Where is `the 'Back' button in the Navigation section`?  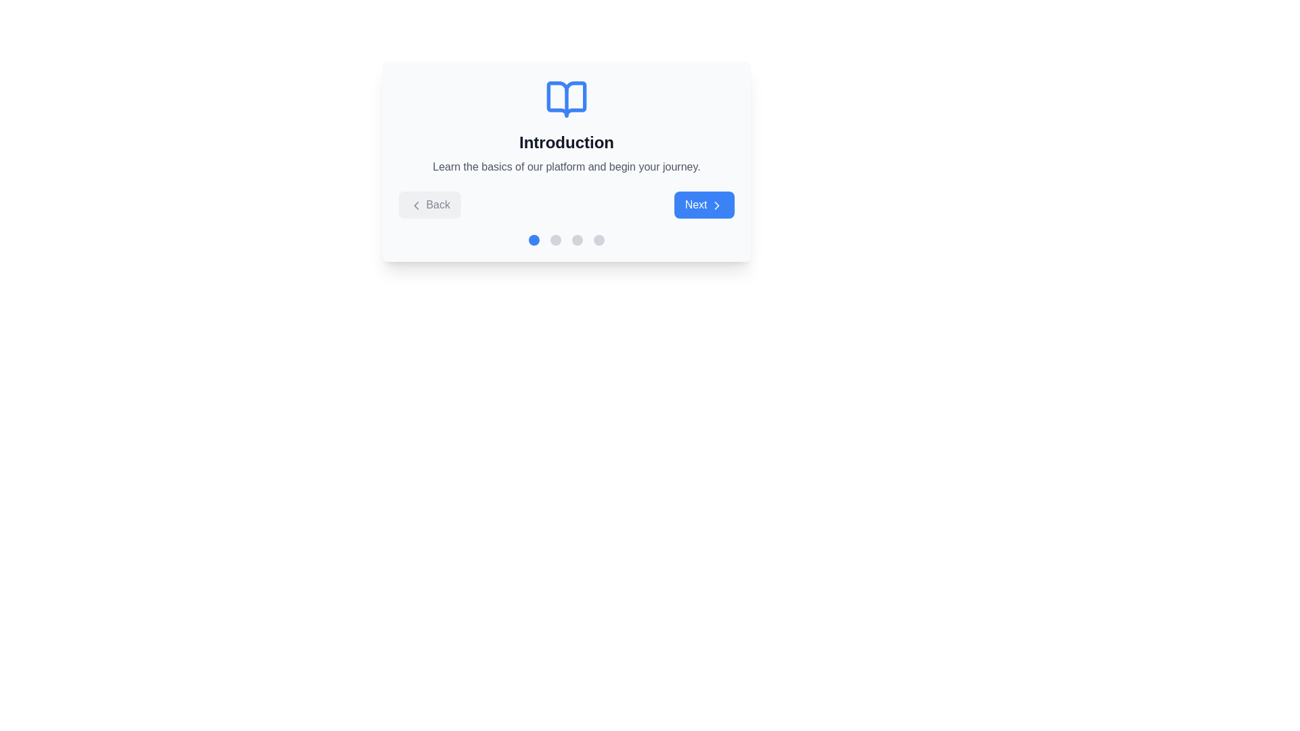
the 'Back' button in the Navigation section is located at coordinates (566, 205).